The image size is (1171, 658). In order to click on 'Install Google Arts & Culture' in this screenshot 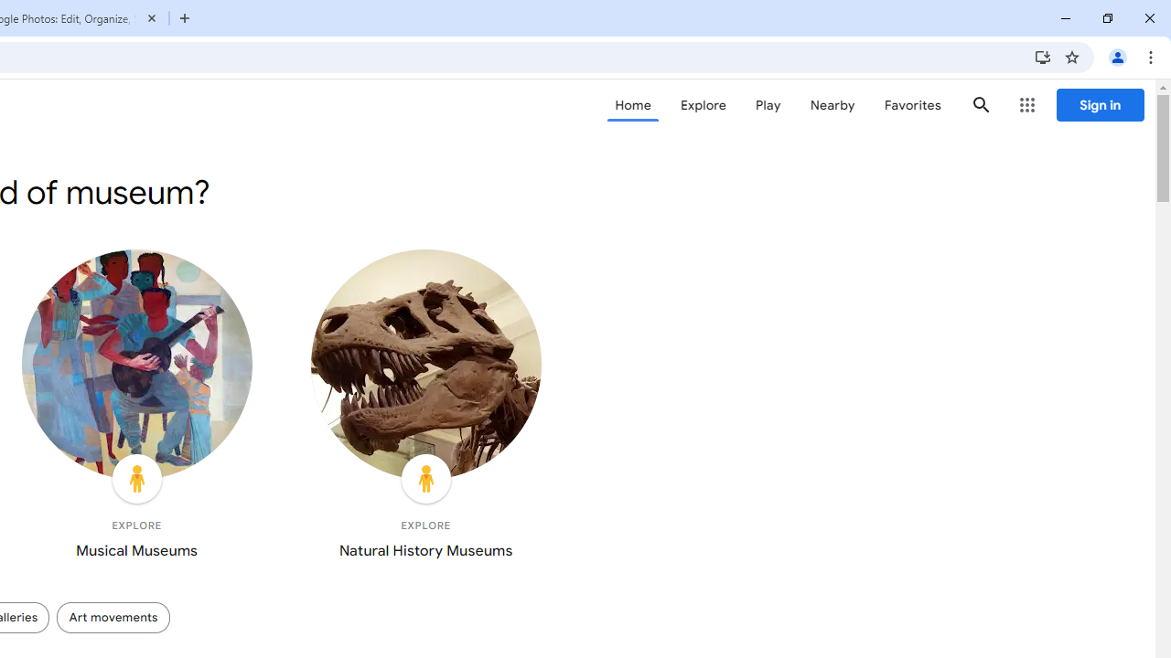, I will do `click(1042, 56)`.